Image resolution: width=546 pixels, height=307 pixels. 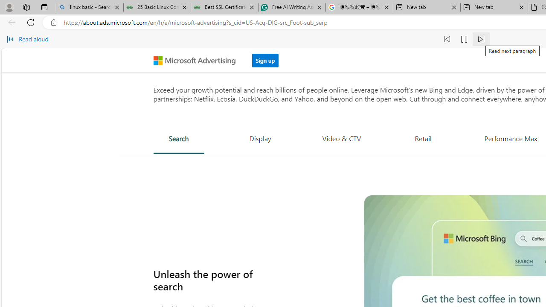 What do you see at coordinates (157, 7) in the screenshot?
I see `'25 Basic Linux Commands For Beginners - GeeksforGeeks'` at bounding box center [157, 7].